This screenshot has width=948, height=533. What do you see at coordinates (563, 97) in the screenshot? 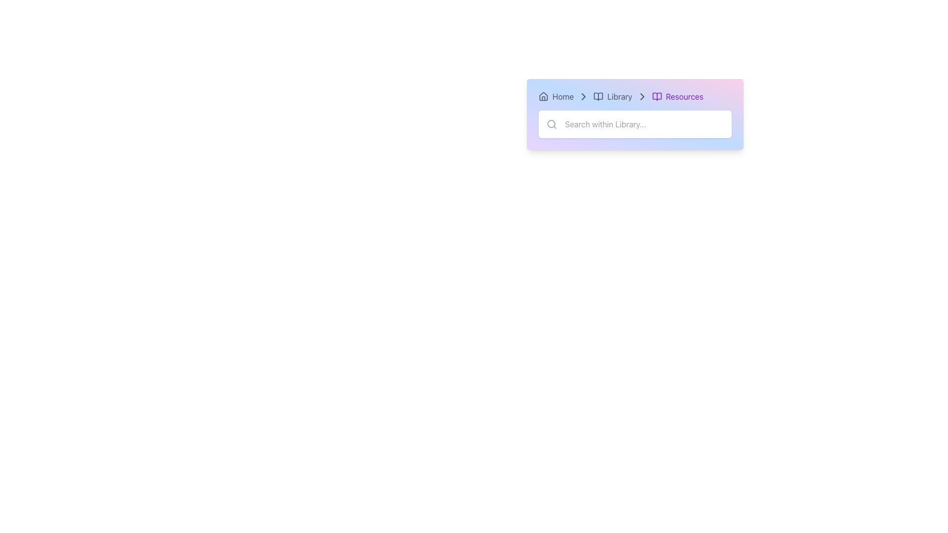
I see `the 'Home' text label in the horizontal navigation bar` at bounding box center [563, 97].